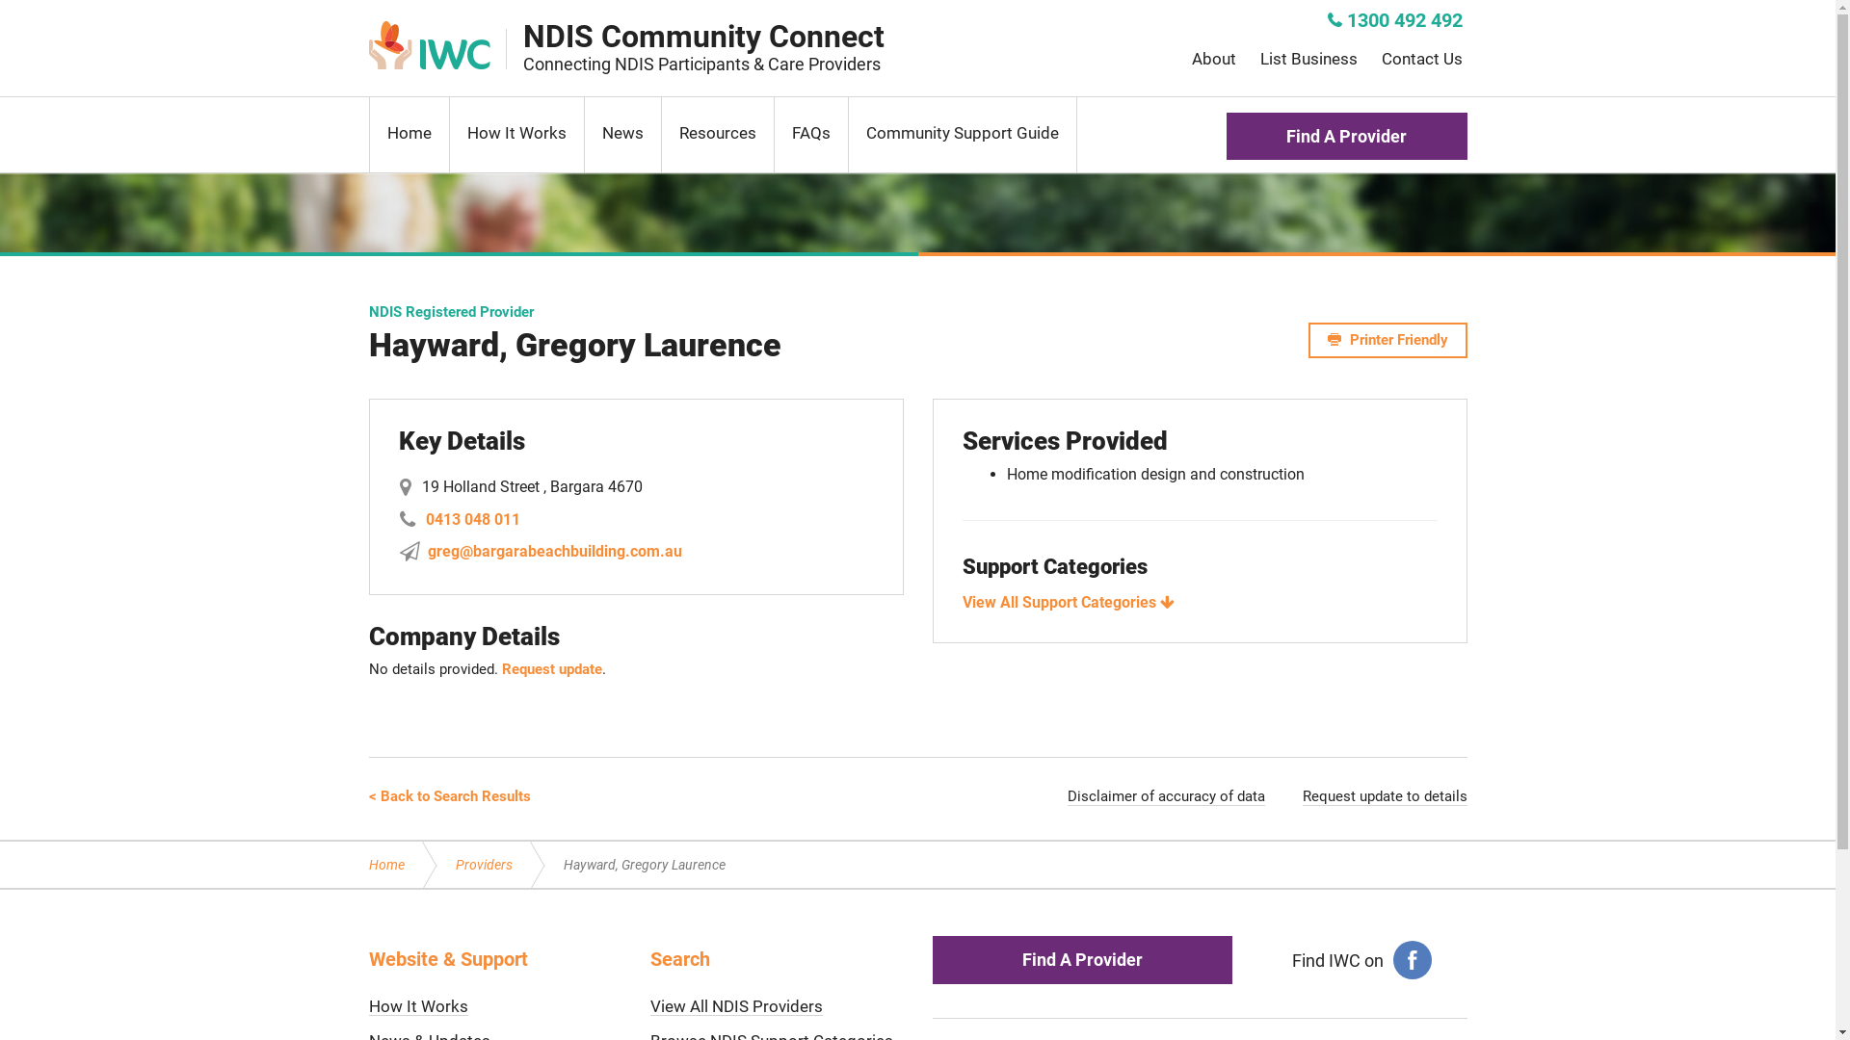  What do you see at coordinates (554, 551) in the screenshot?
I see `'greg@bargarabeachbuilding.com.au'` at bounding box center [554, 551].